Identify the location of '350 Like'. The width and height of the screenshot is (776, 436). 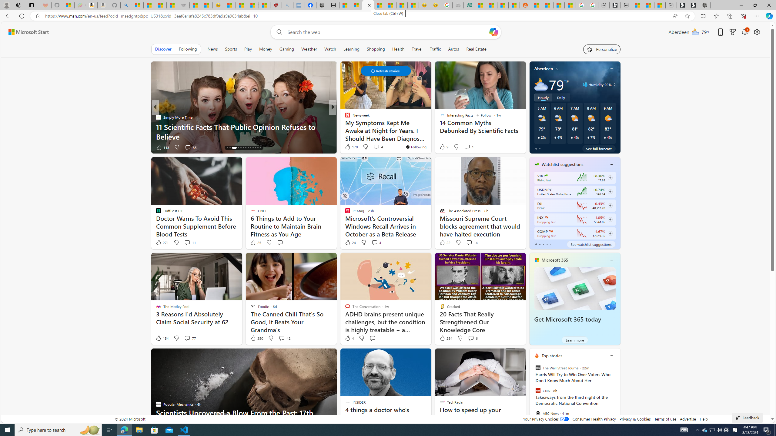
(256, 338).